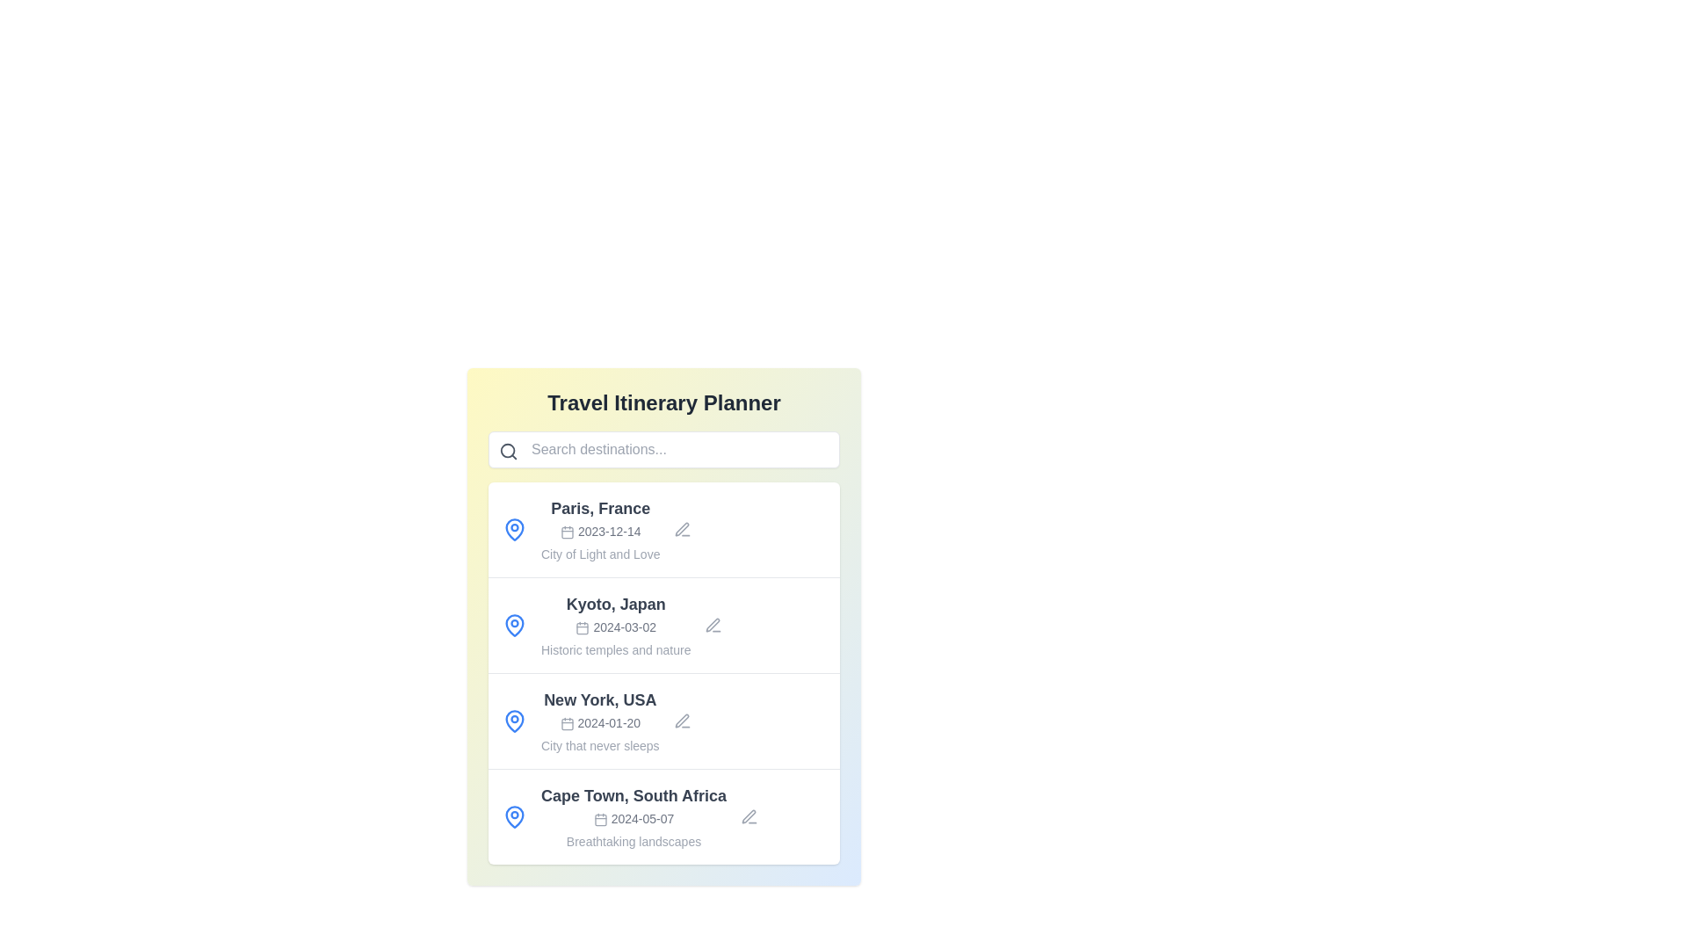  Describe the element at coordinates (641, 819) in the screenshot. I see `the date label '2024-05-07', which is a smaller gray text positioned to the right of a calendar icon, providing context for the travel destination 'Cape Town, South Africa'` at that location.